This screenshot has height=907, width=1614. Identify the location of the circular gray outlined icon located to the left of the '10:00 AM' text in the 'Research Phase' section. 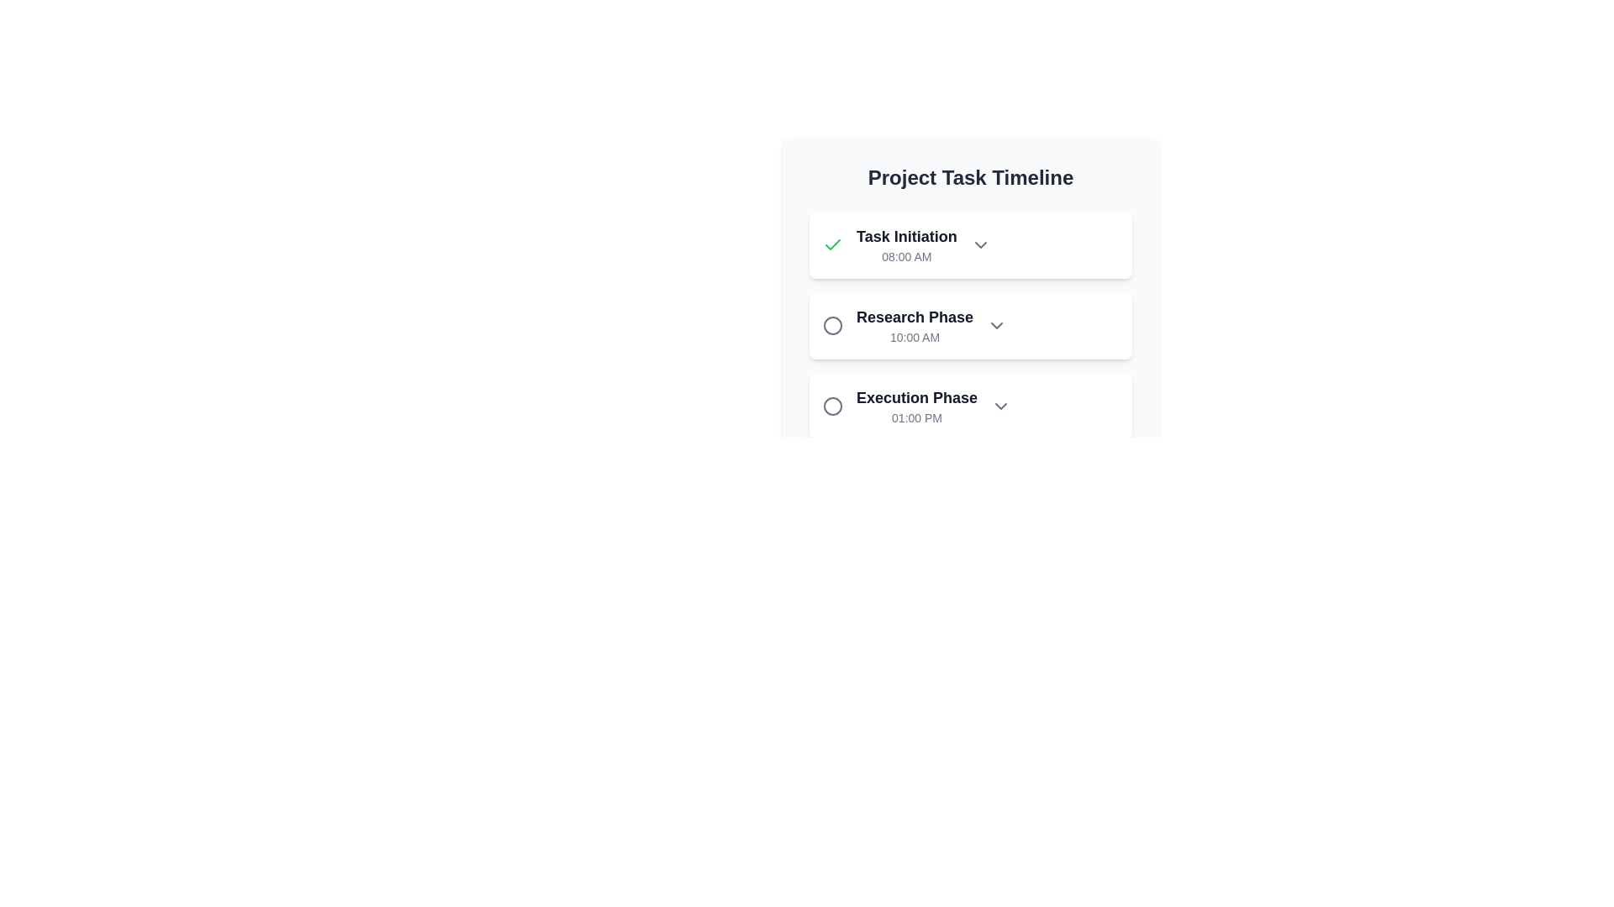
(832, 326).